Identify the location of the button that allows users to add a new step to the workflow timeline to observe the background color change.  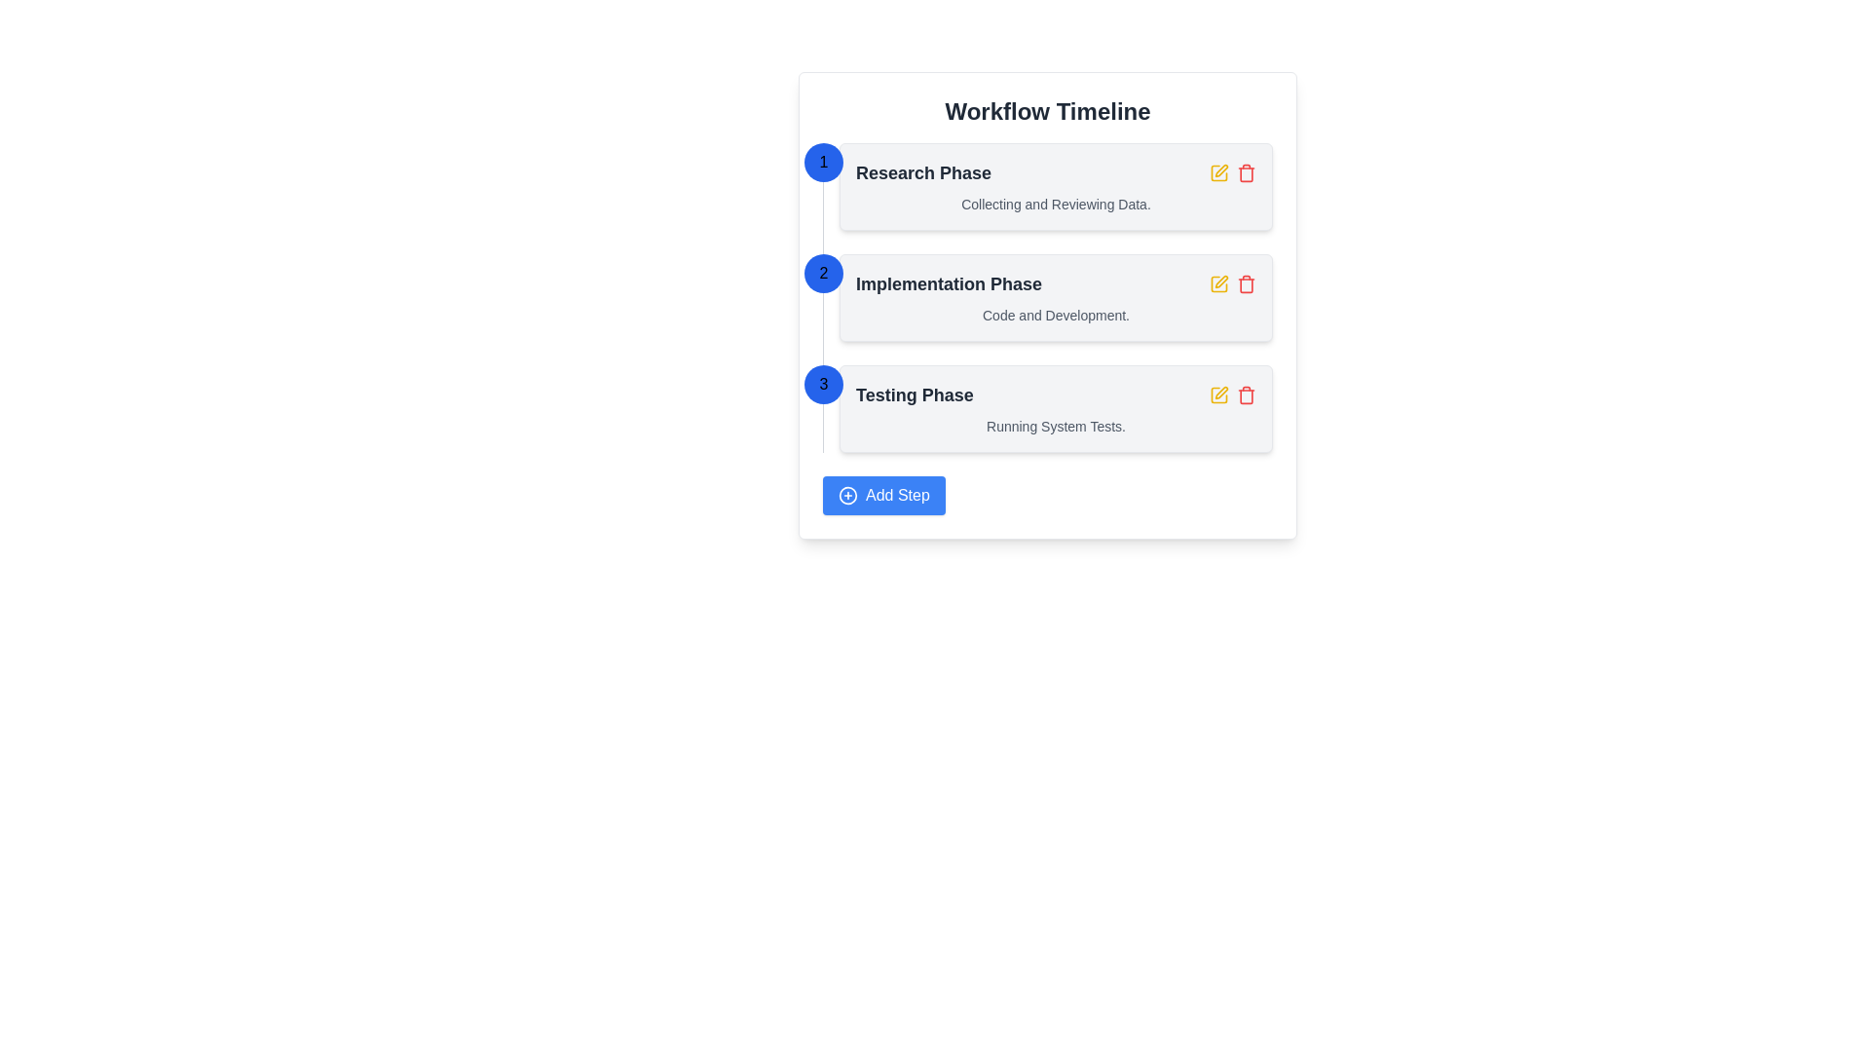
(882, 495).